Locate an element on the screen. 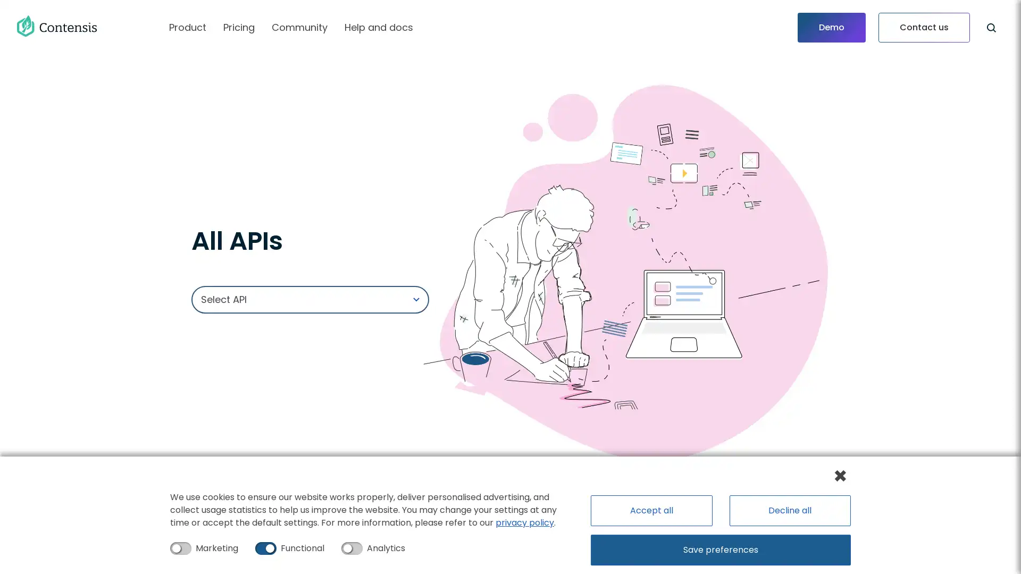 Image resolution: width=1021 pixels, height=574 pixels. Community is located at coordinates (299, 27).